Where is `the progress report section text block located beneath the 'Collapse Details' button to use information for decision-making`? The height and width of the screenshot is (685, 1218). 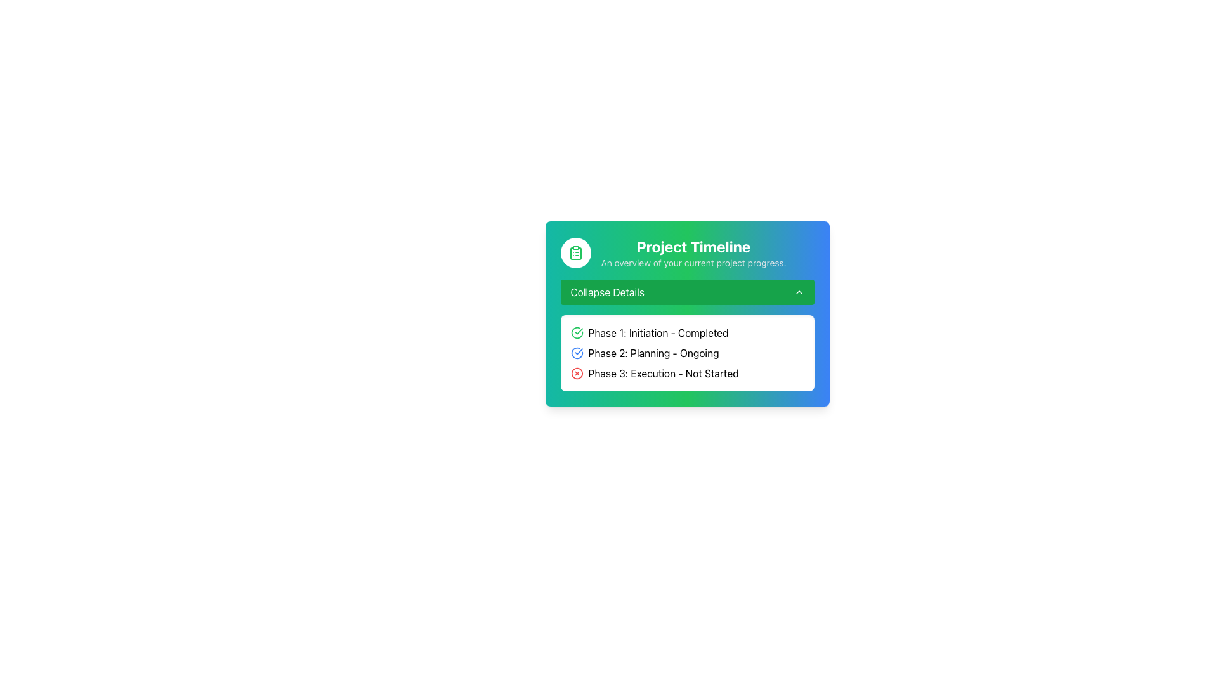 the progress report section text block located beneath the 'Collapse Details' button to use information for decision-making is located at coordinates (686, 353).